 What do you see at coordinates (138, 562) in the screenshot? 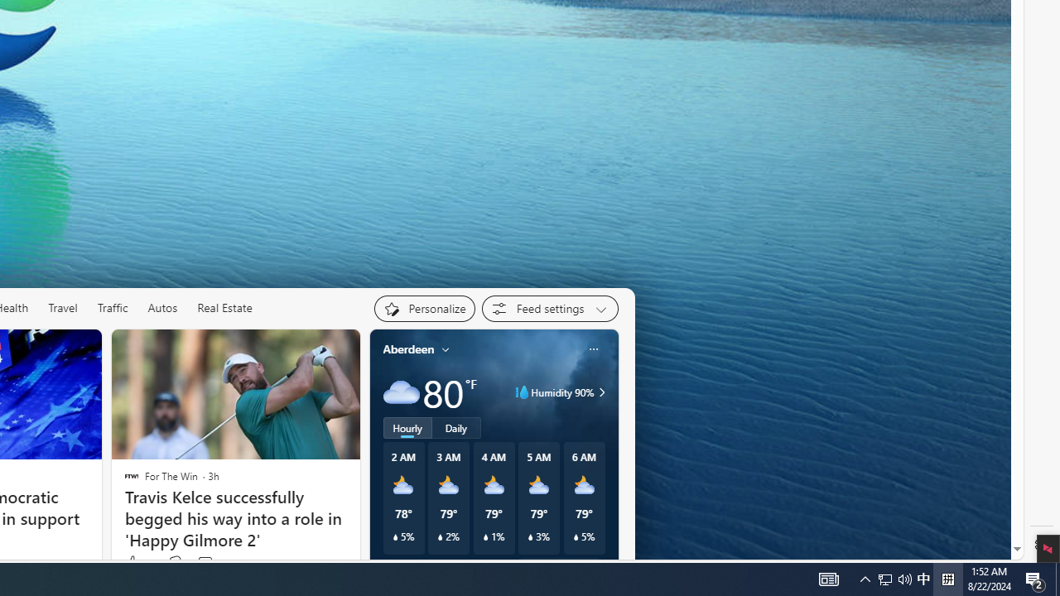
I see `'47 Like'` at bounding box center [138, 562].